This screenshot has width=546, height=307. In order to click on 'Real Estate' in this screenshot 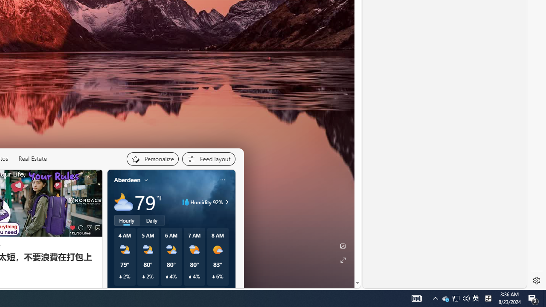, I will do `click(32, 158)`.